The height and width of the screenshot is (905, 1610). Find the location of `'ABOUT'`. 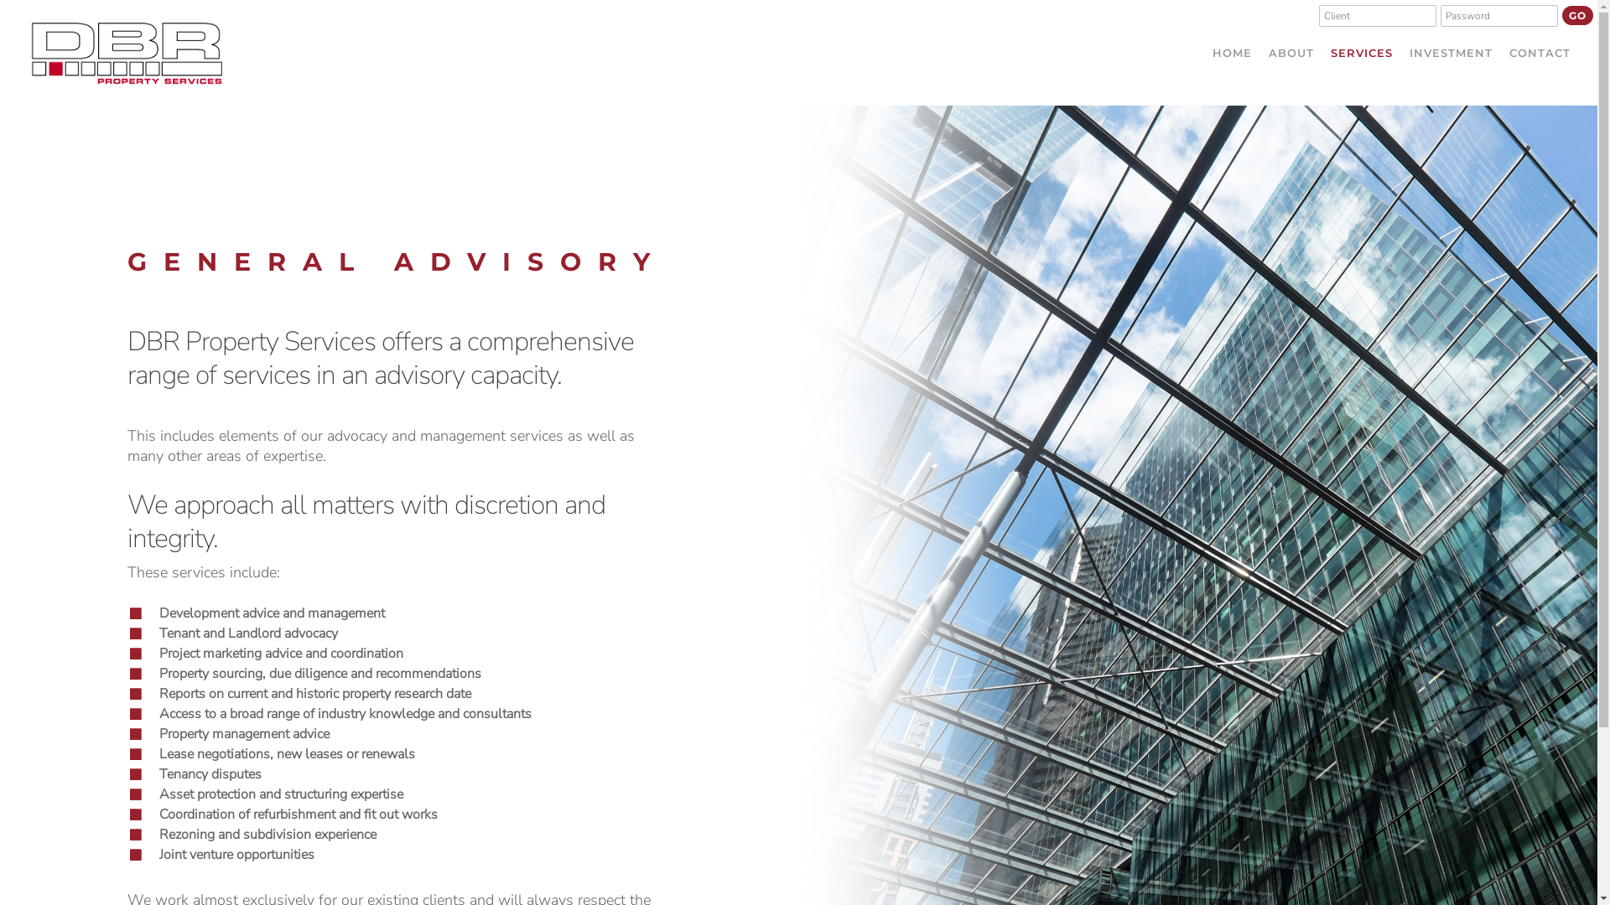

'ABOUT' is located at coordinates (1291, 51).